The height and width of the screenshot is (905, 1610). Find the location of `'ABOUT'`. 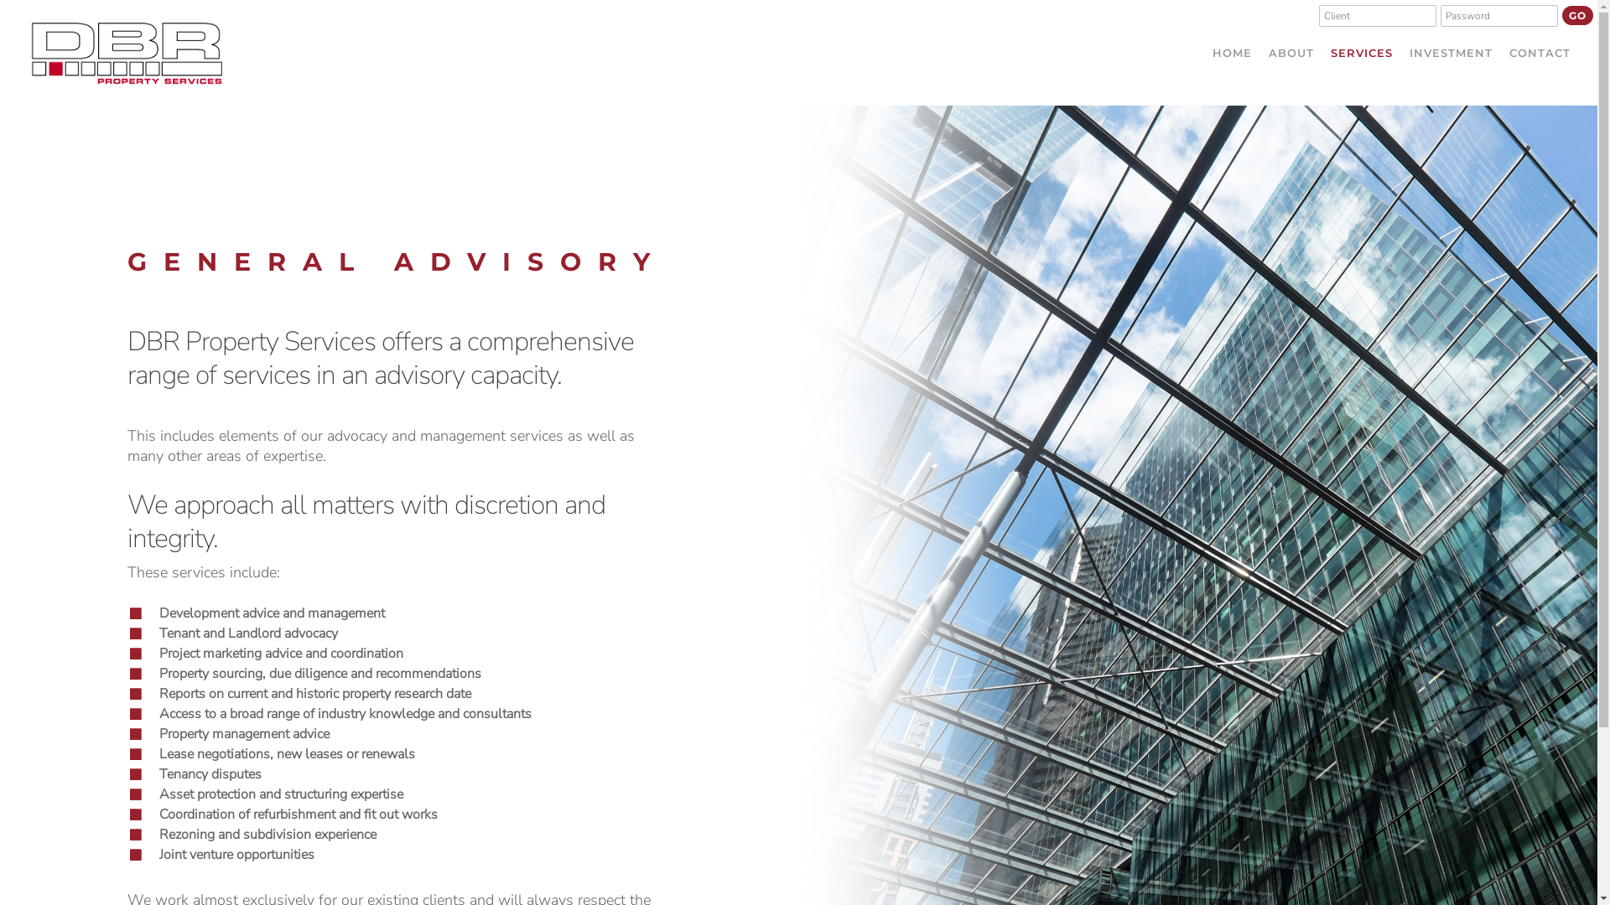

'ABOUT' is located at coordinates (1291, 51).